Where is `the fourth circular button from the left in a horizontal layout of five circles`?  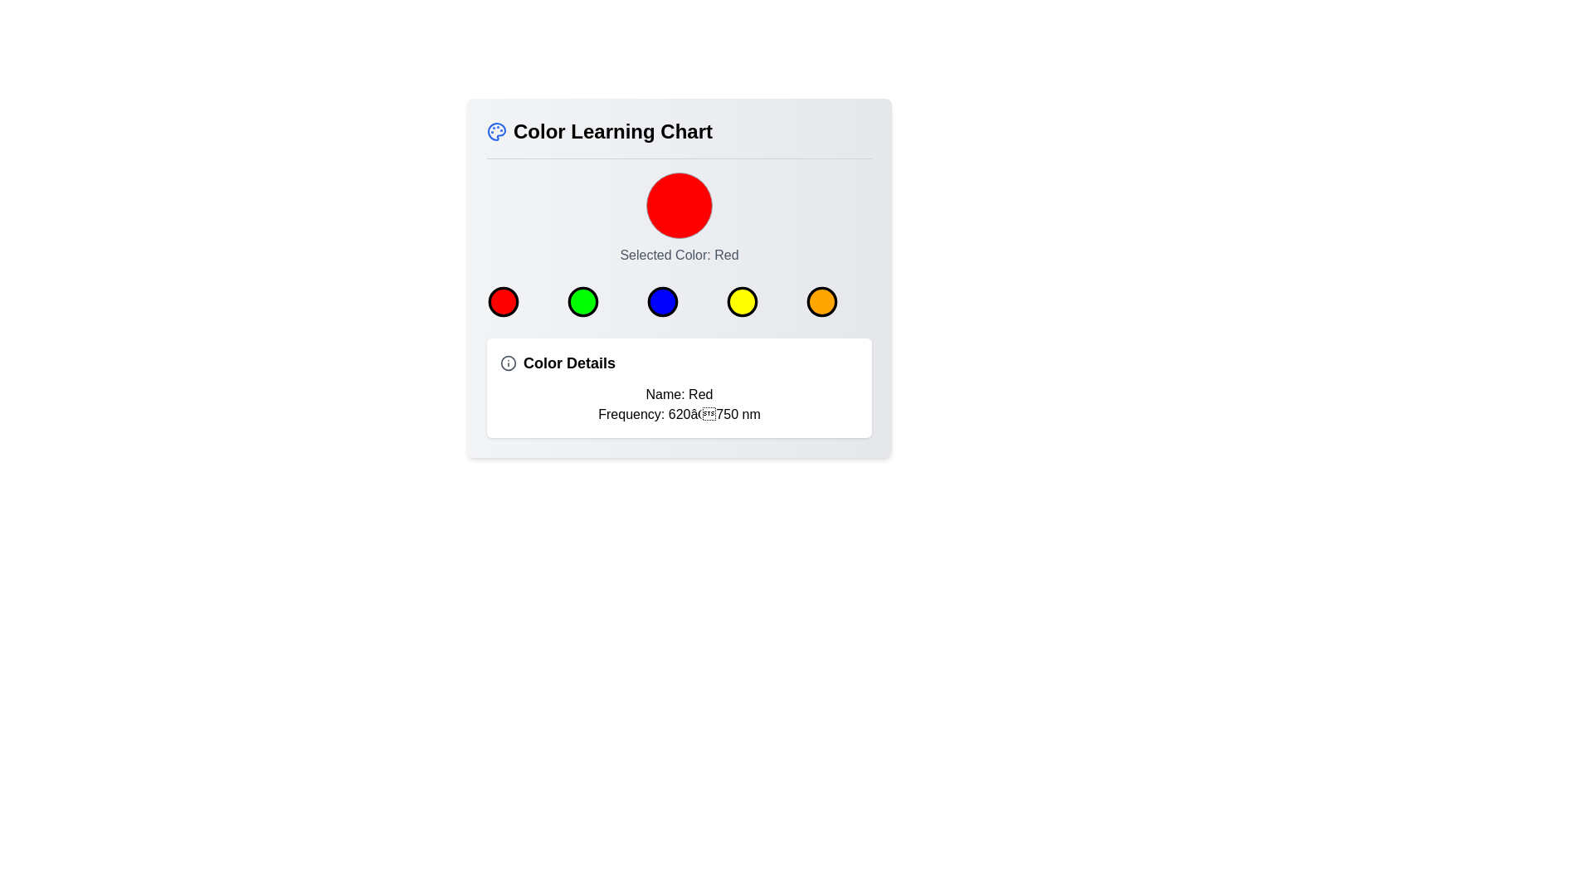
the fourth circular button from the left in a horizontal layout of five circles is located at coordinates (741, 301).